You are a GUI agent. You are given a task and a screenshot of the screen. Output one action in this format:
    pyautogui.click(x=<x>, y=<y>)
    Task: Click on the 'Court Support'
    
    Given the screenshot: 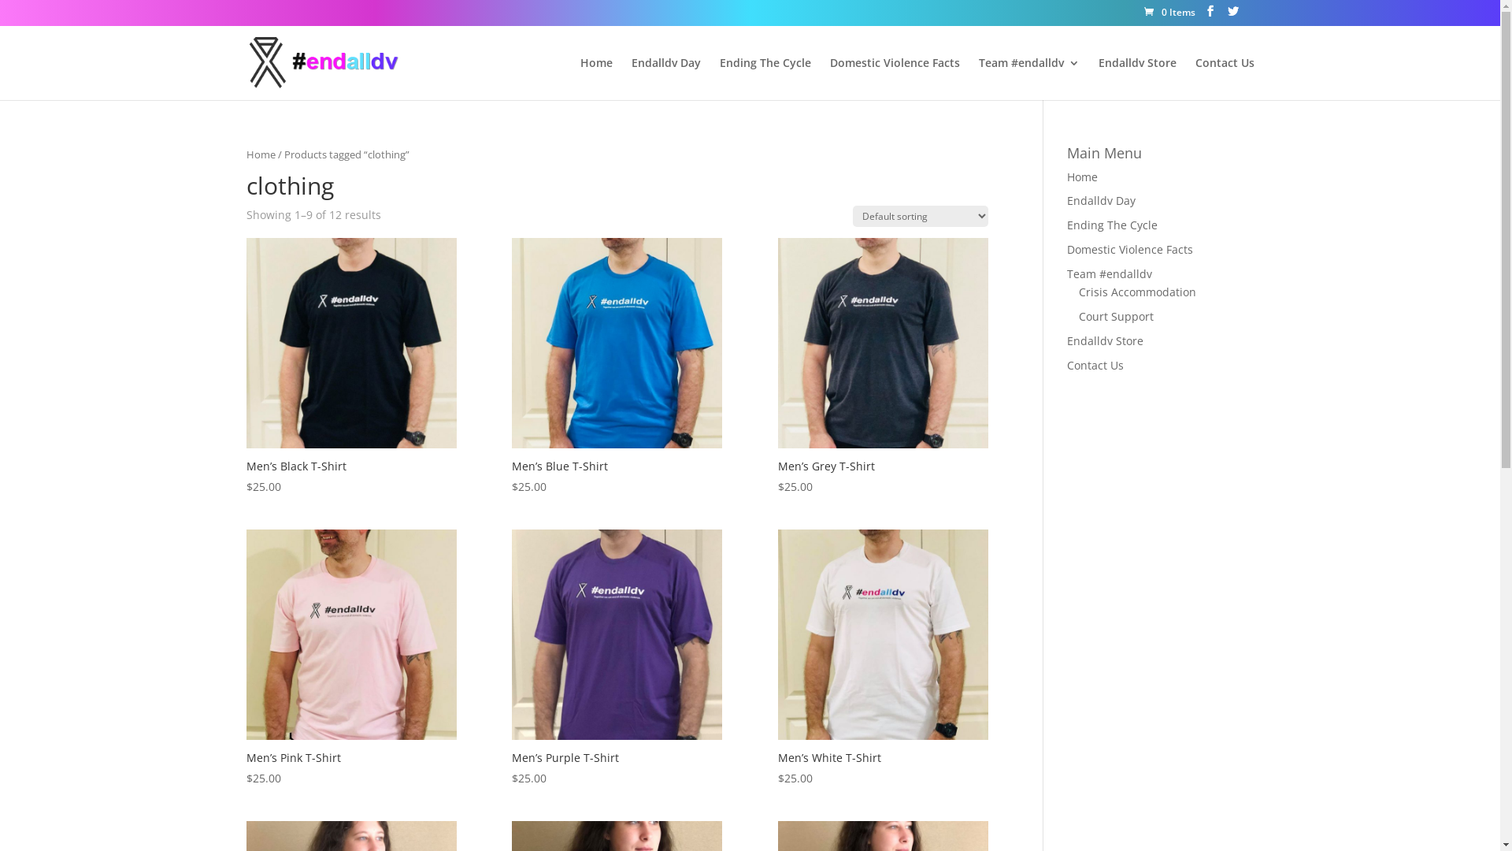 What is the action you would take?
    pyautogui.click(x=1115, y=316)
    